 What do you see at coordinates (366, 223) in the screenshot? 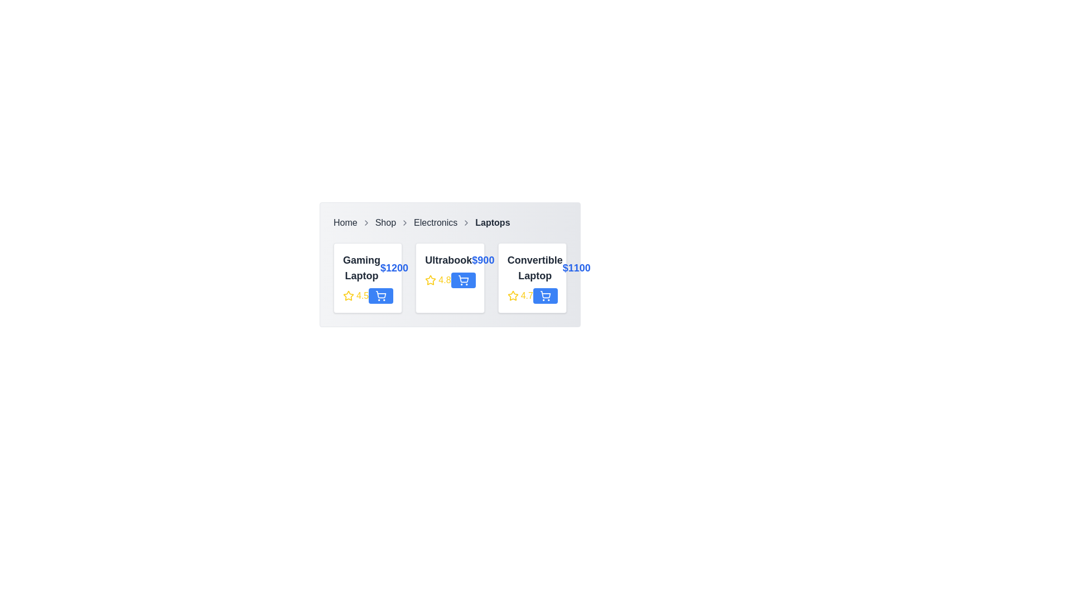
I see `the second chevron icon in the breadcrumb navigation, which separates the 'Home' and 'Shop' links` at bounding box center [366, 223].